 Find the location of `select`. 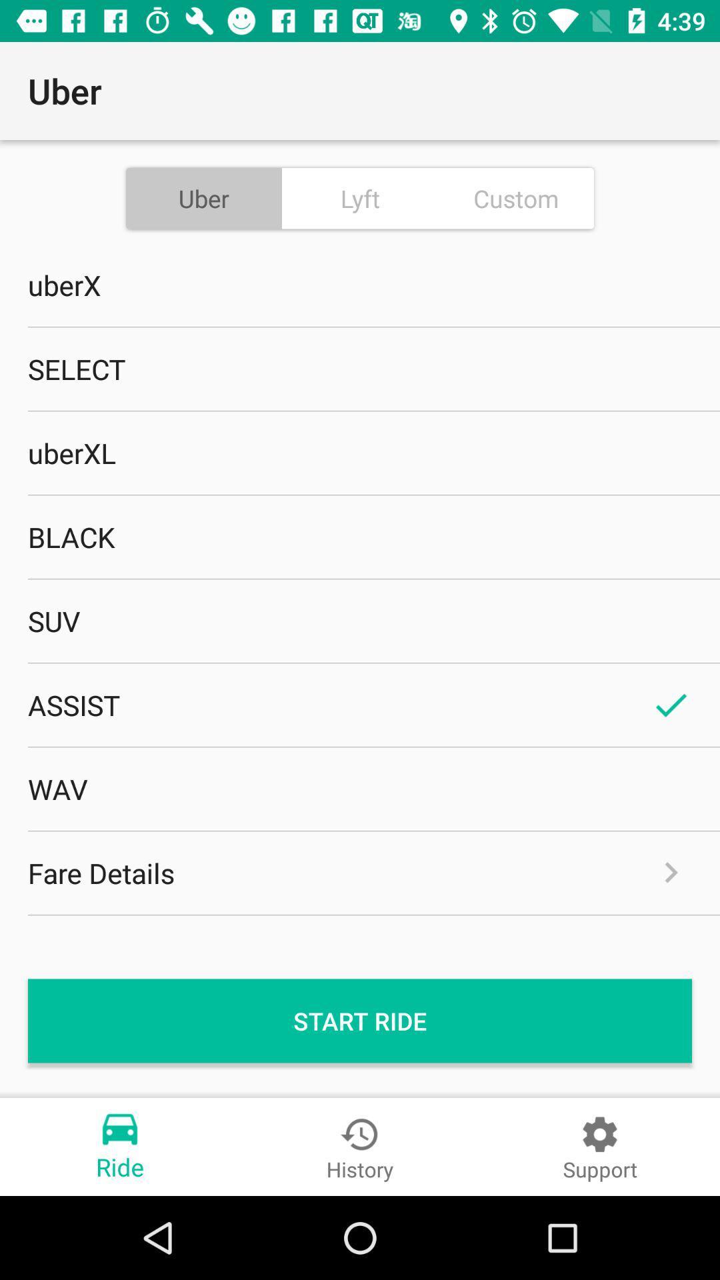

select is located at coordinates (360, 369).